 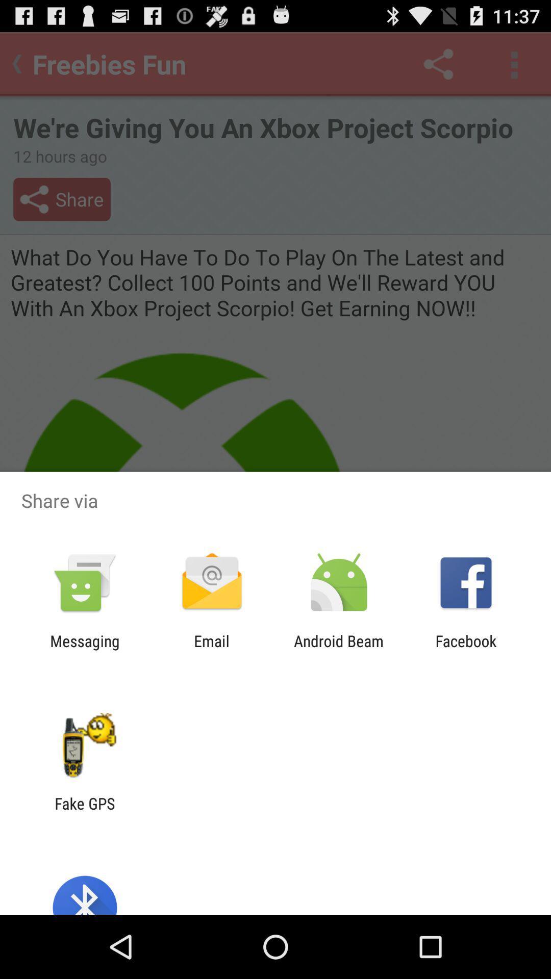 What do you see at coordinates (84, 650) in the screenshot?
I see `app to the left of email` at bounding box center [84, 650].